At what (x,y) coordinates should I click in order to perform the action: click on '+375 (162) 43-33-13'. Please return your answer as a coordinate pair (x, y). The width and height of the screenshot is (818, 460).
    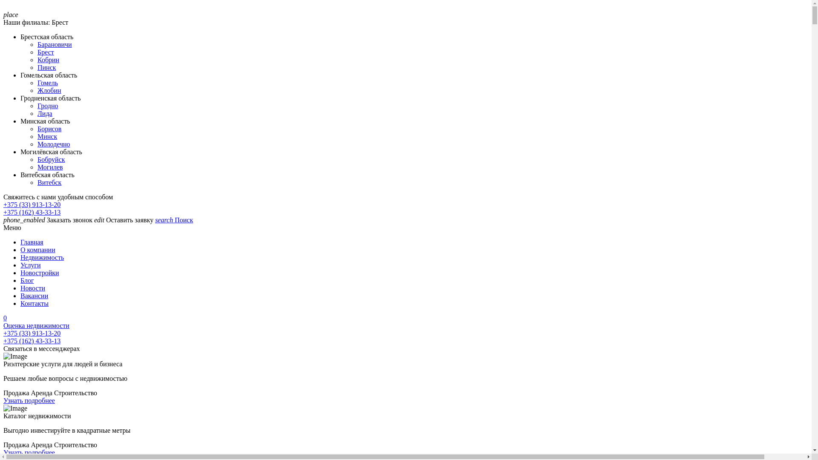
    Looking at the image, I should click on (32, 212).